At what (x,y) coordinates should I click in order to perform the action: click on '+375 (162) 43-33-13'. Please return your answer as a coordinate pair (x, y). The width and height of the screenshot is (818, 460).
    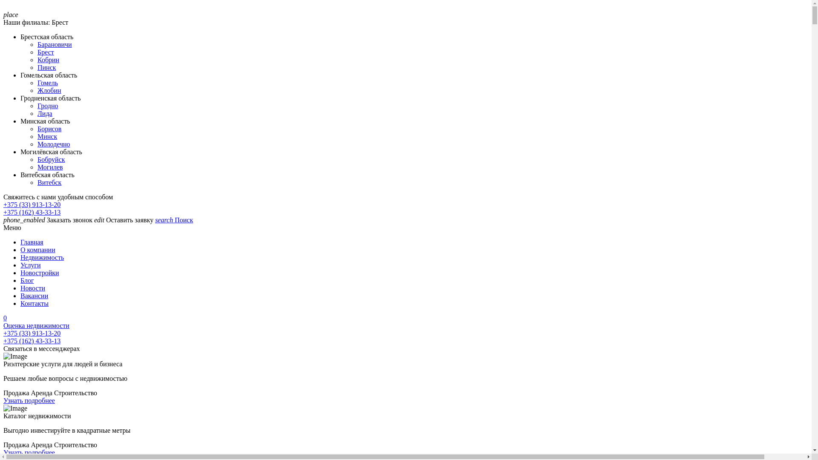
    Looking at the image, I should click on (32, 212).